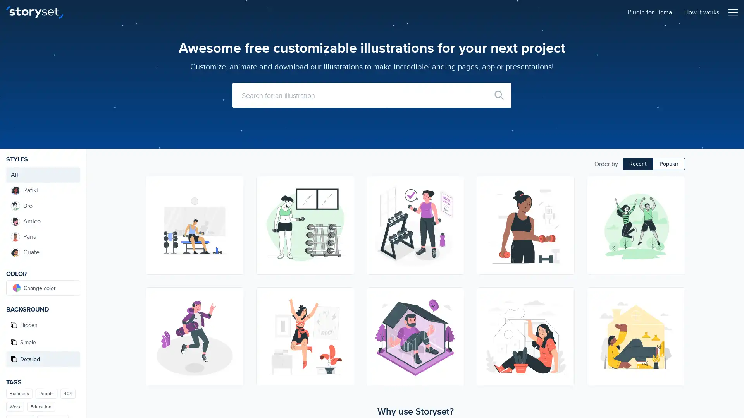  I want to click on wand icon Animate, so click(344, 185).